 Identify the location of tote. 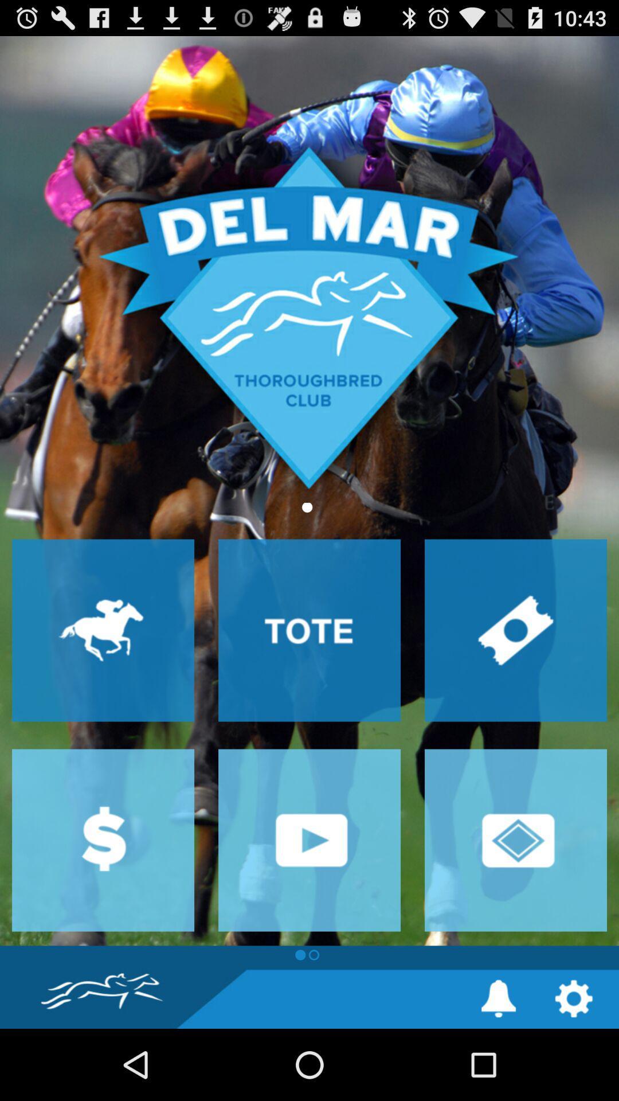
(309, 630).